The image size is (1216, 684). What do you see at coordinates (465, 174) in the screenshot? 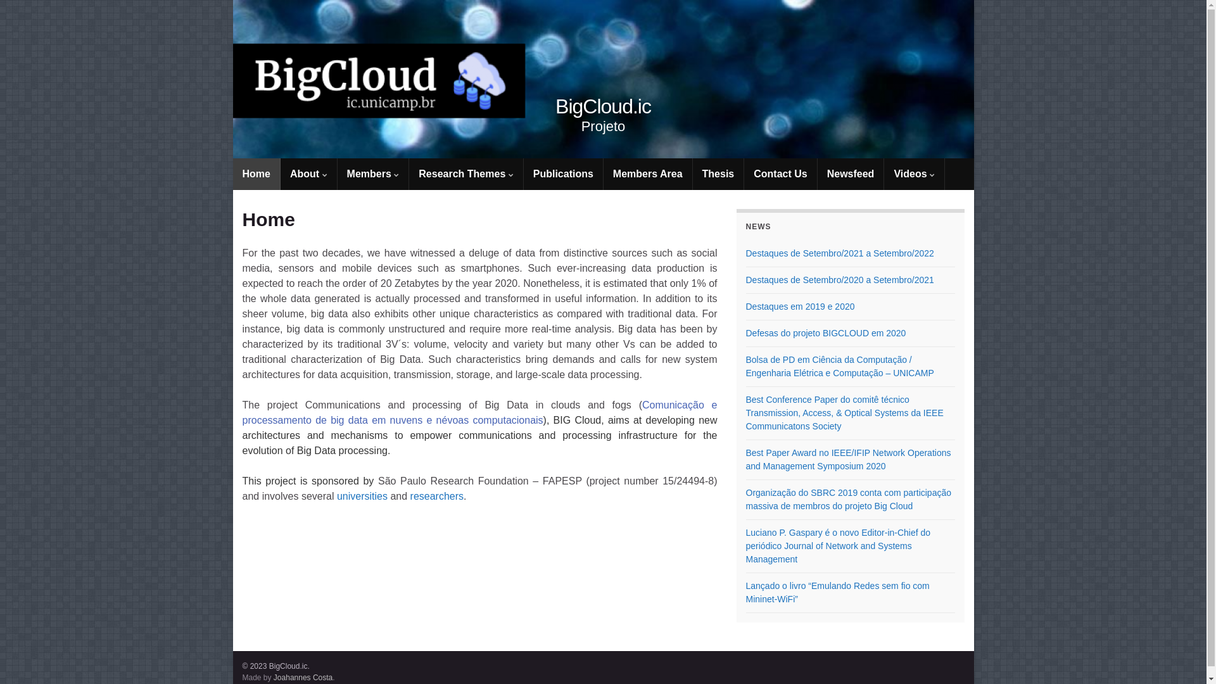
I see `'Research Themes'` at bounding box center [465, 174].